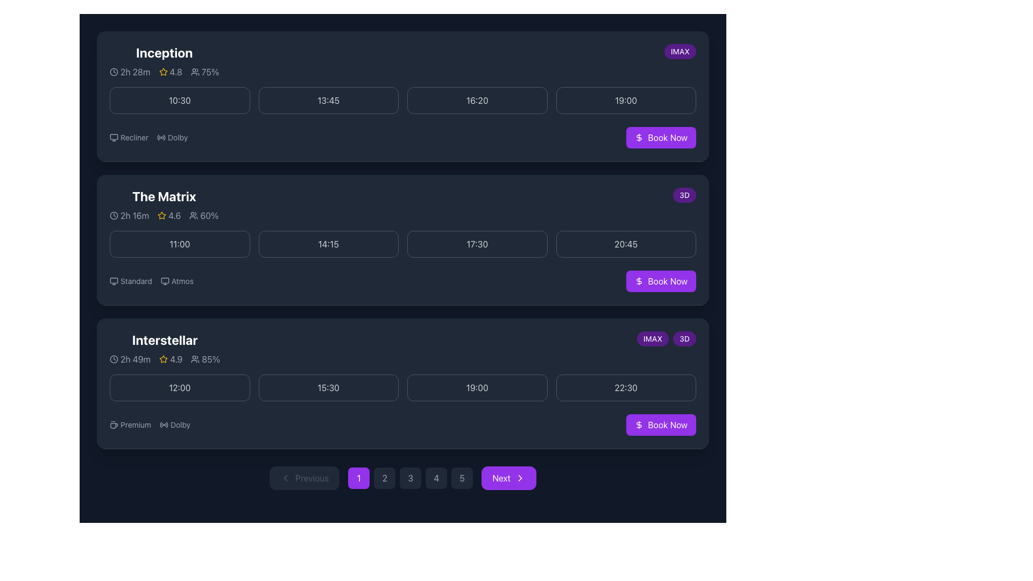 Image resolution: width=1033 pixels, height=581 pixels. I want to click on the '19:00' button, which is a rectangular button with rounded corners, located in the 'Interstellar' section, between the '15:30' and '22:30' buttons, so click(477, 388).